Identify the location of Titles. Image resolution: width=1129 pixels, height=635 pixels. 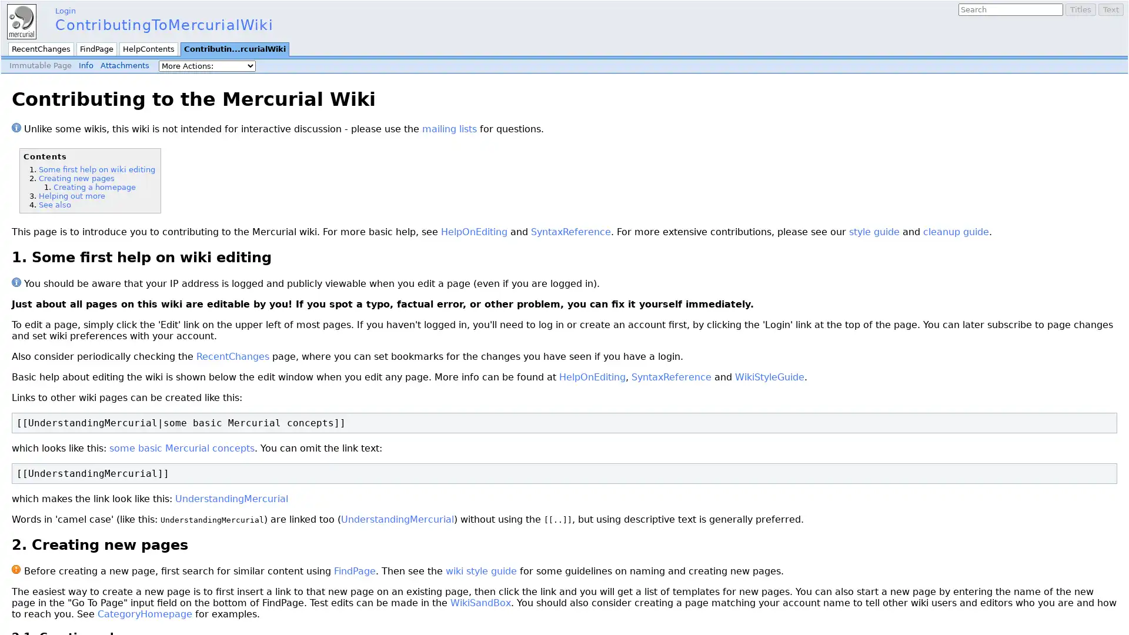
(1081, 9).